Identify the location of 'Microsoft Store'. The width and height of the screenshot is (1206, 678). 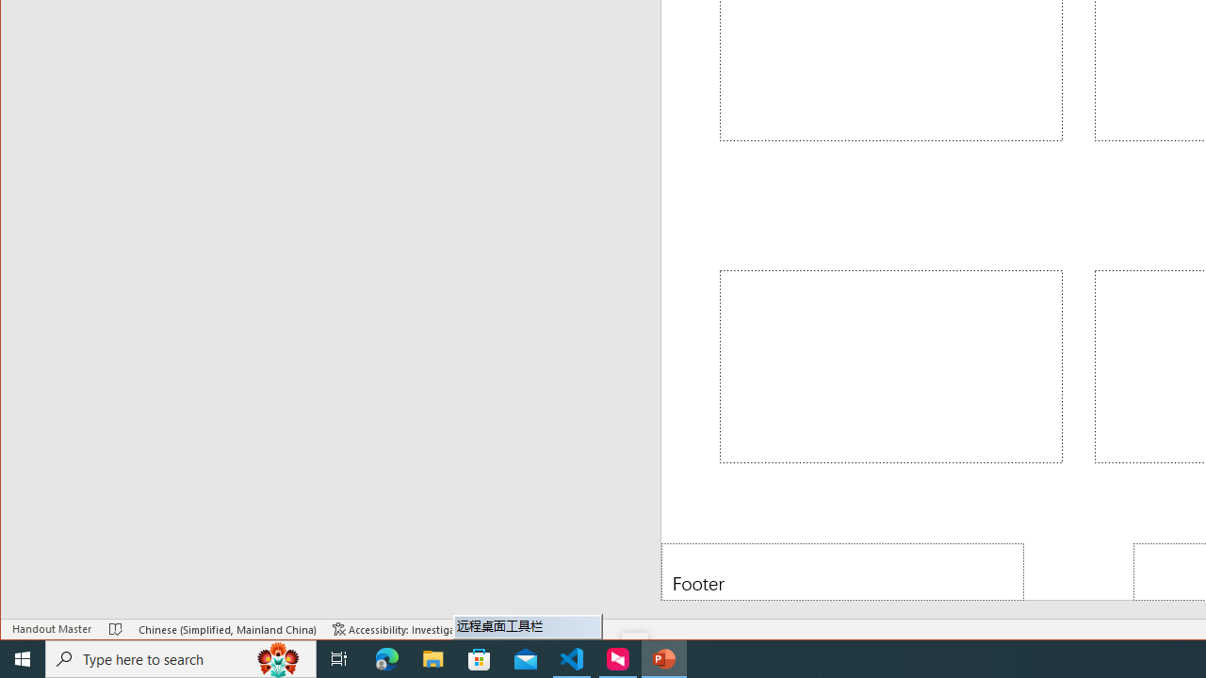
(480, 657).